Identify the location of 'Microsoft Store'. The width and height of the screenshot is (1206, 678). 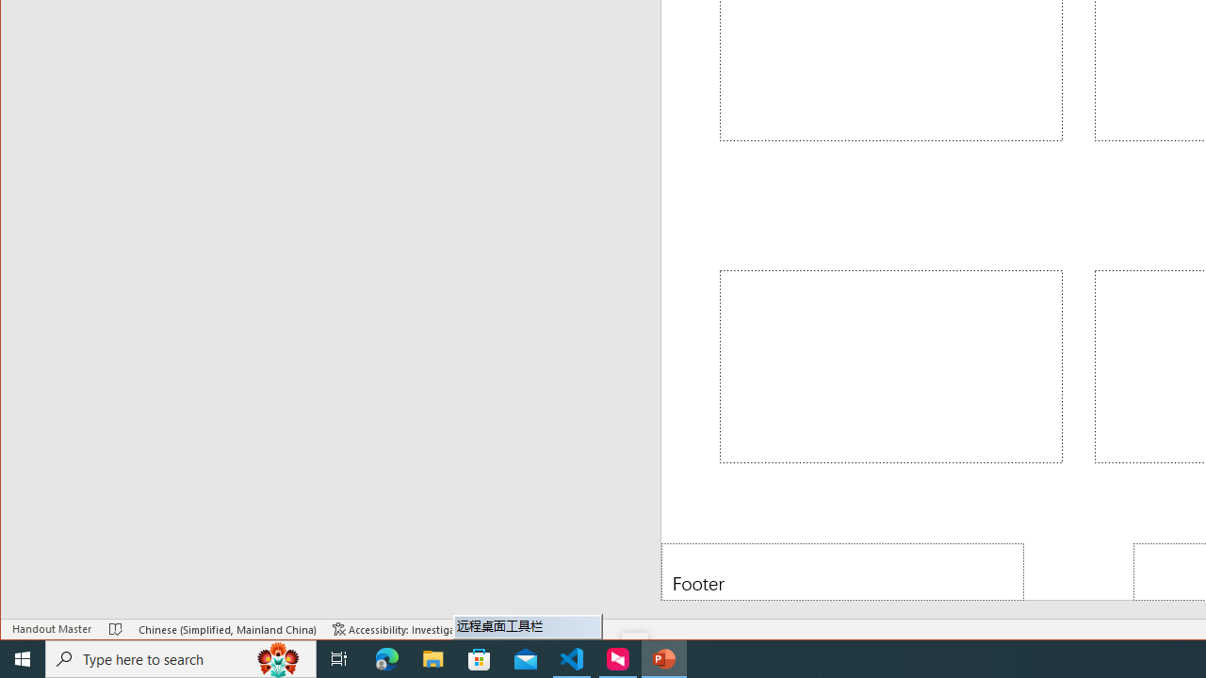
(480, 657).